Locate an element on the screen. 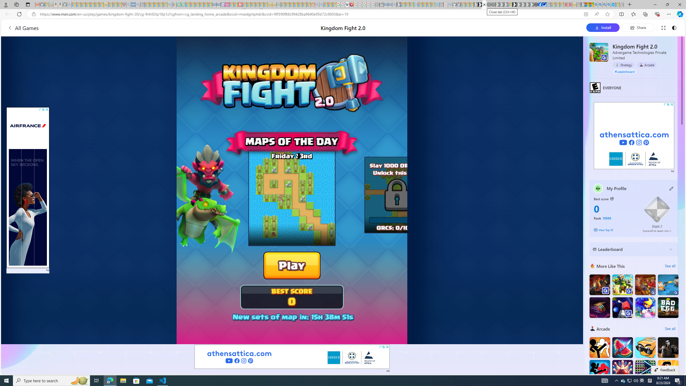  'Arcade' is located at coordinates (646, 65).